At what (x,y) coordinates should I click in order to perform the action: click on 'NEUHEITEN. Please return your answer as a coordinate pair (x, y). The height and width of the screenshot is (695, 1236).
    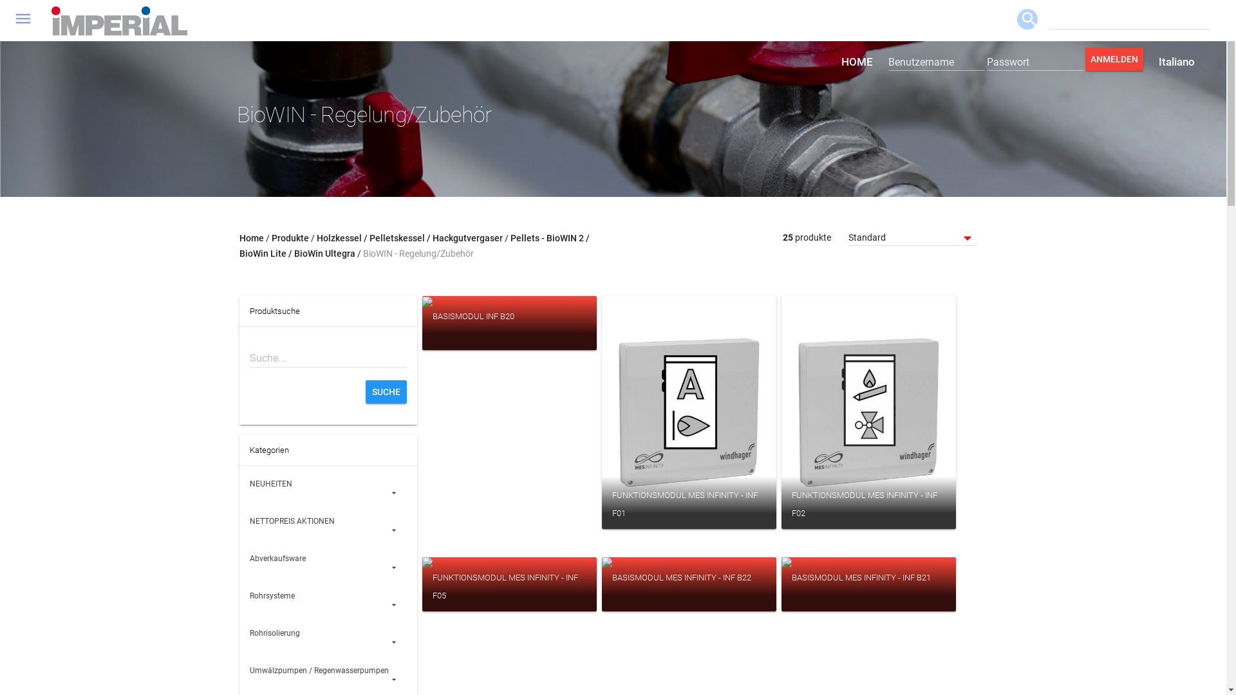
    Looking at the image, I should click on (328, 491).